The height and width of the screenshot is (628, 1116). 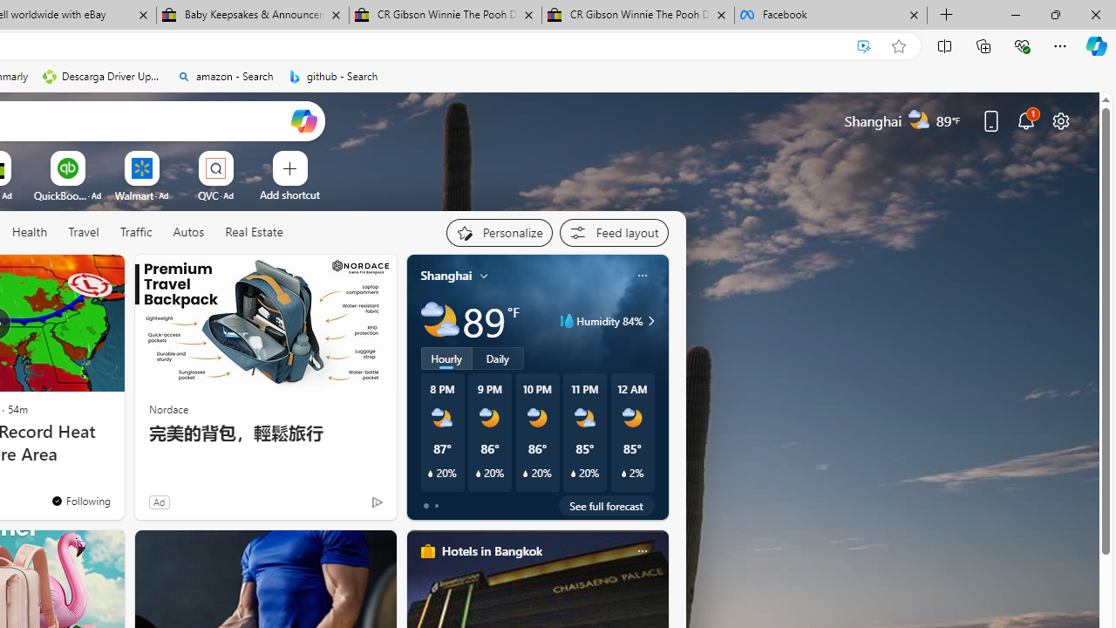 I want to click on 'Class: icon-img', so click(x=641, y=551).